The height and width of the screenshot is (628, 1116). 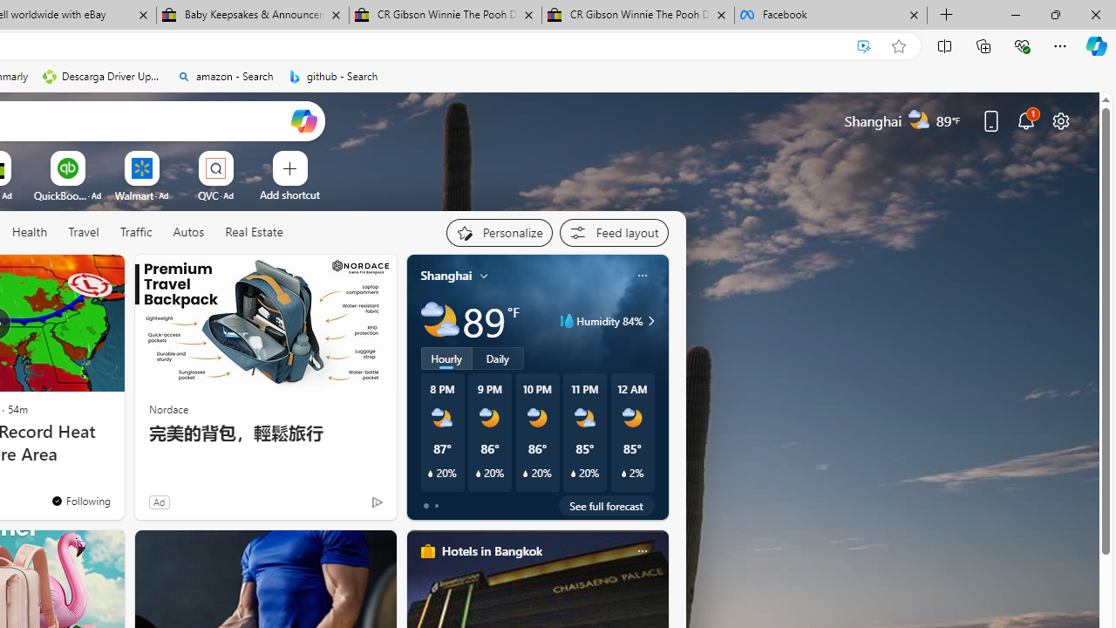 I want to click on 'Class: icon-img', so click(x=641, y=551).